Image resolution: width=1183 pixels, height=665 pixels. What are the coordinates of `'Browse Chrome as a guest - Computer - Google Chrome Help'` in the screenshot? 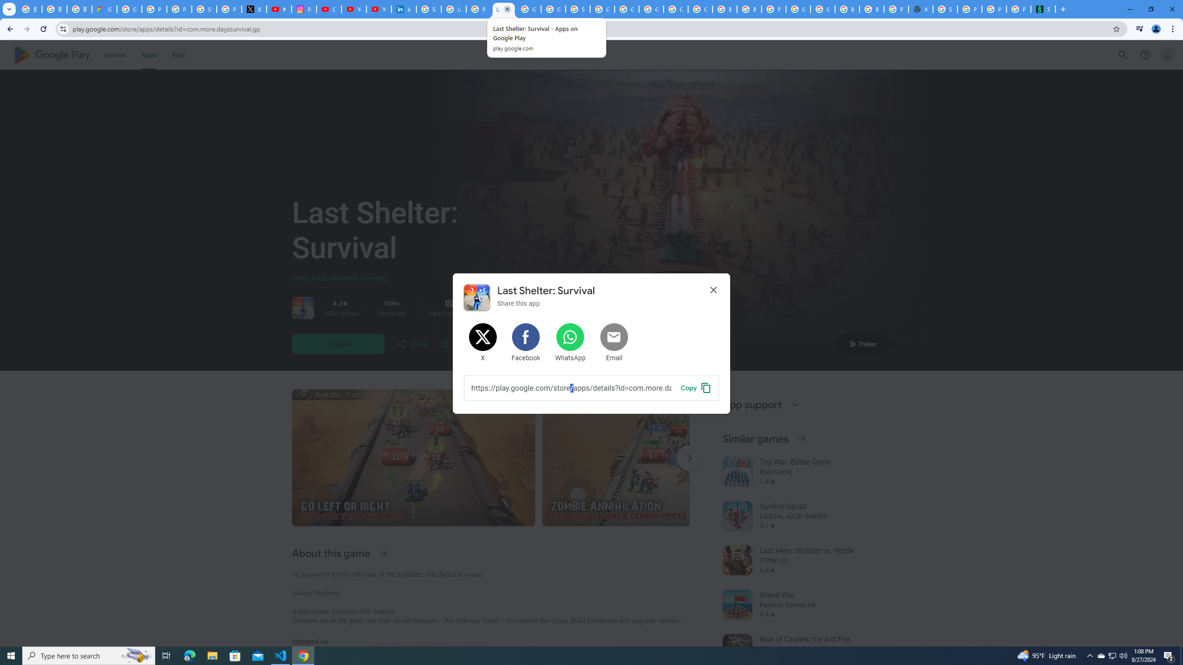 It's located at (846, 9).